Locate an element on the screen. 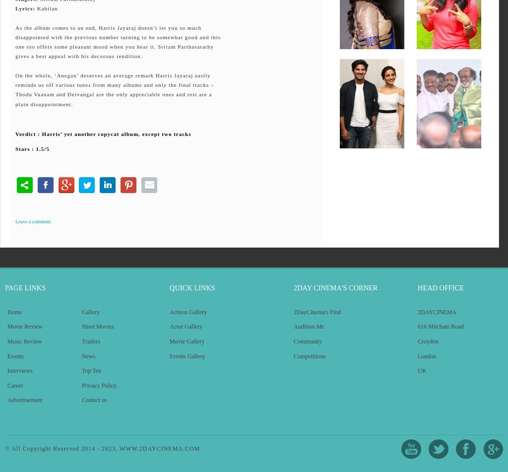 Image resolution: width=508 pixels, height=472 pixels. 'Community' is located at coordinates (293, 340).